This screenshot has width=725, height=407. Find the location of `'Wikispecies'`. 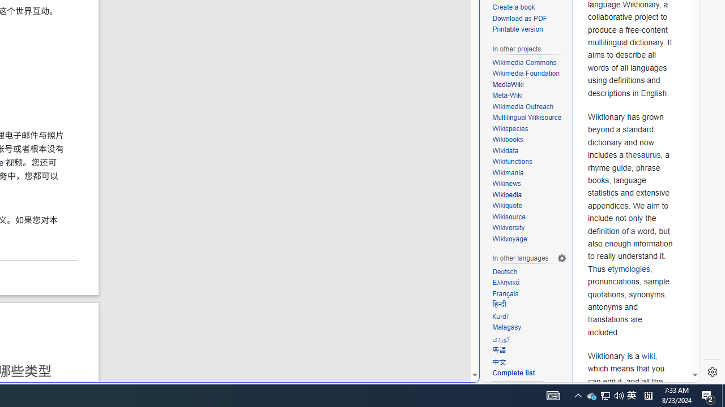

'Wikispecies' is located at coordinates (510, 128).